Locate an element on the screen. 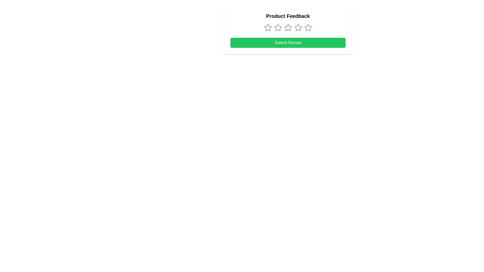  the third star-shaped Rating icon with a gray outline is located at coordinates (288, 27).